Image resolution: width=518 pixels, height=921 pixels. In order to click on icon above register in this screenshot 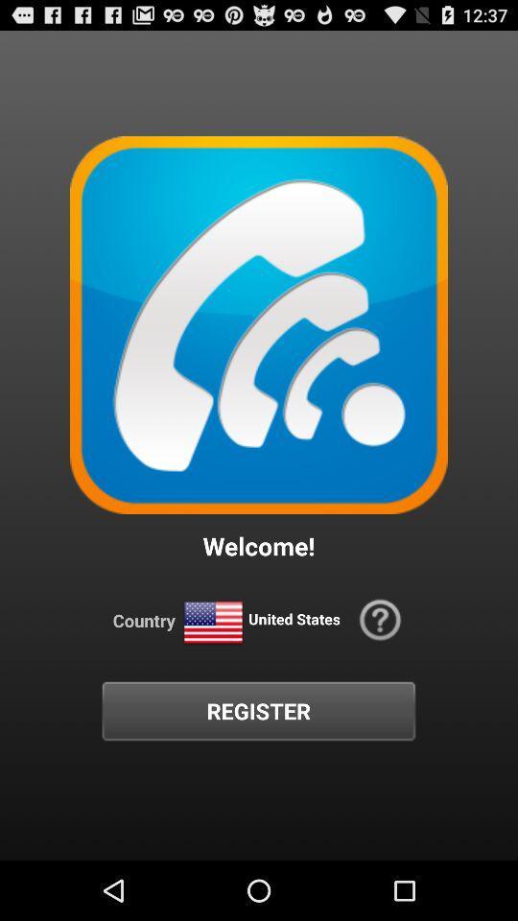, I will do `click(212, 622)`.